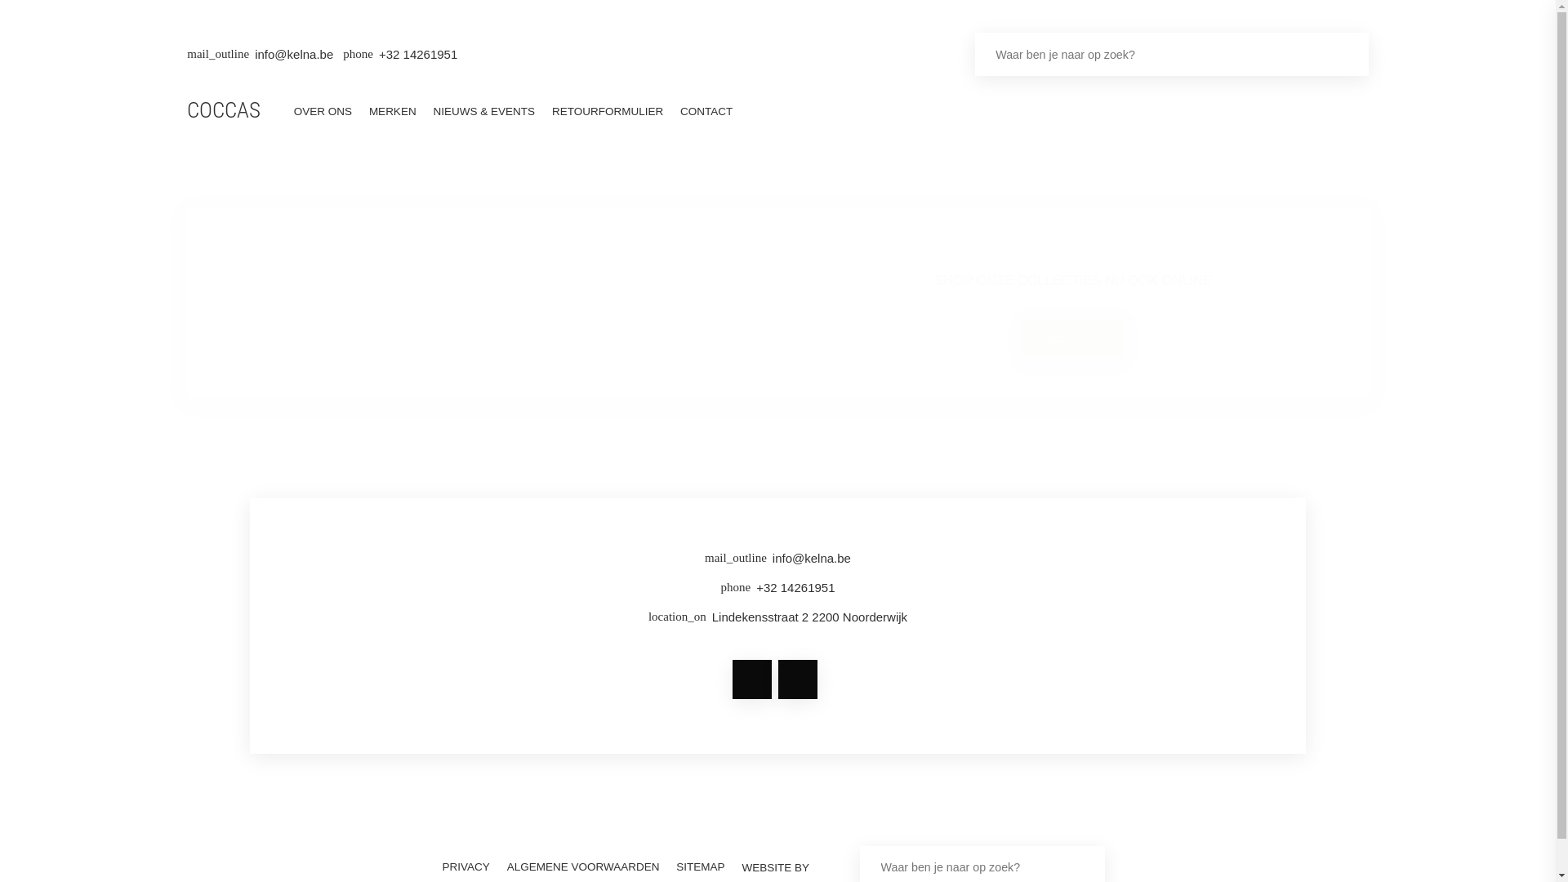  What do you see at coordinates (796, 679) in the screenshot?
I see `'COCCAS Instagram'` at bounding box center [796, 679].